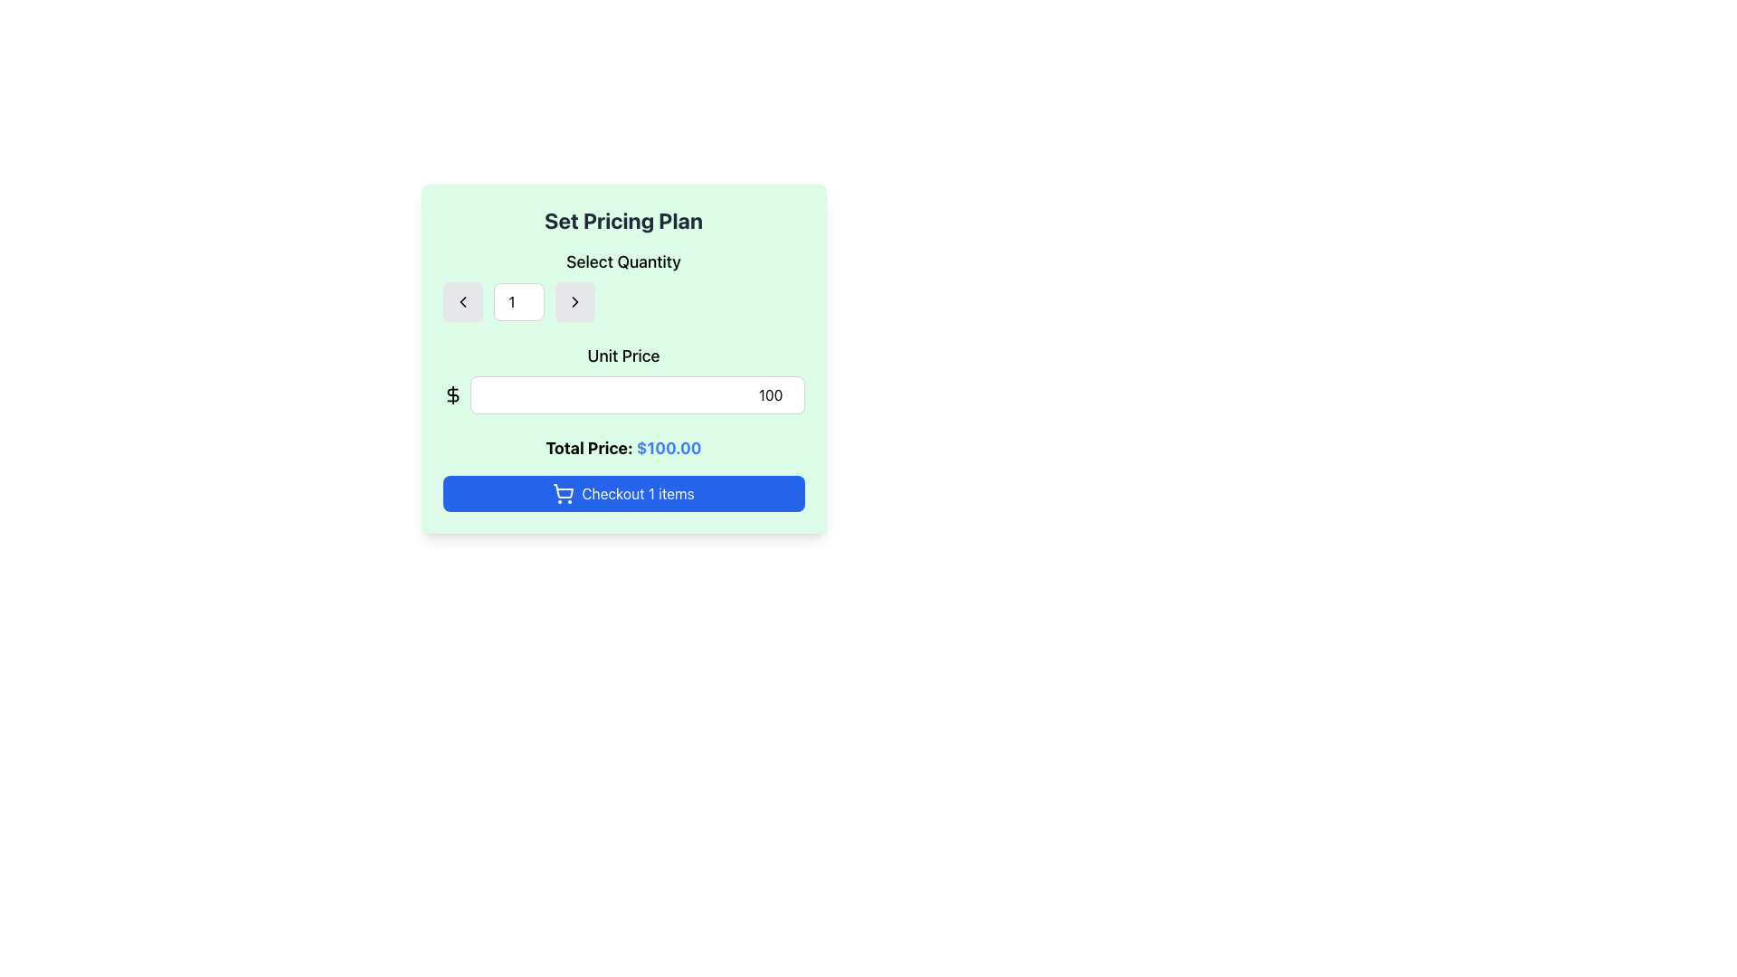 The image size is (1737, 977). I want to click on the interactive controls in the 'Select Quantity' section, which includes the decrement button, numeric input field, and increment button located just below the 'Set Pricing Plan' title, so click(623, 285).